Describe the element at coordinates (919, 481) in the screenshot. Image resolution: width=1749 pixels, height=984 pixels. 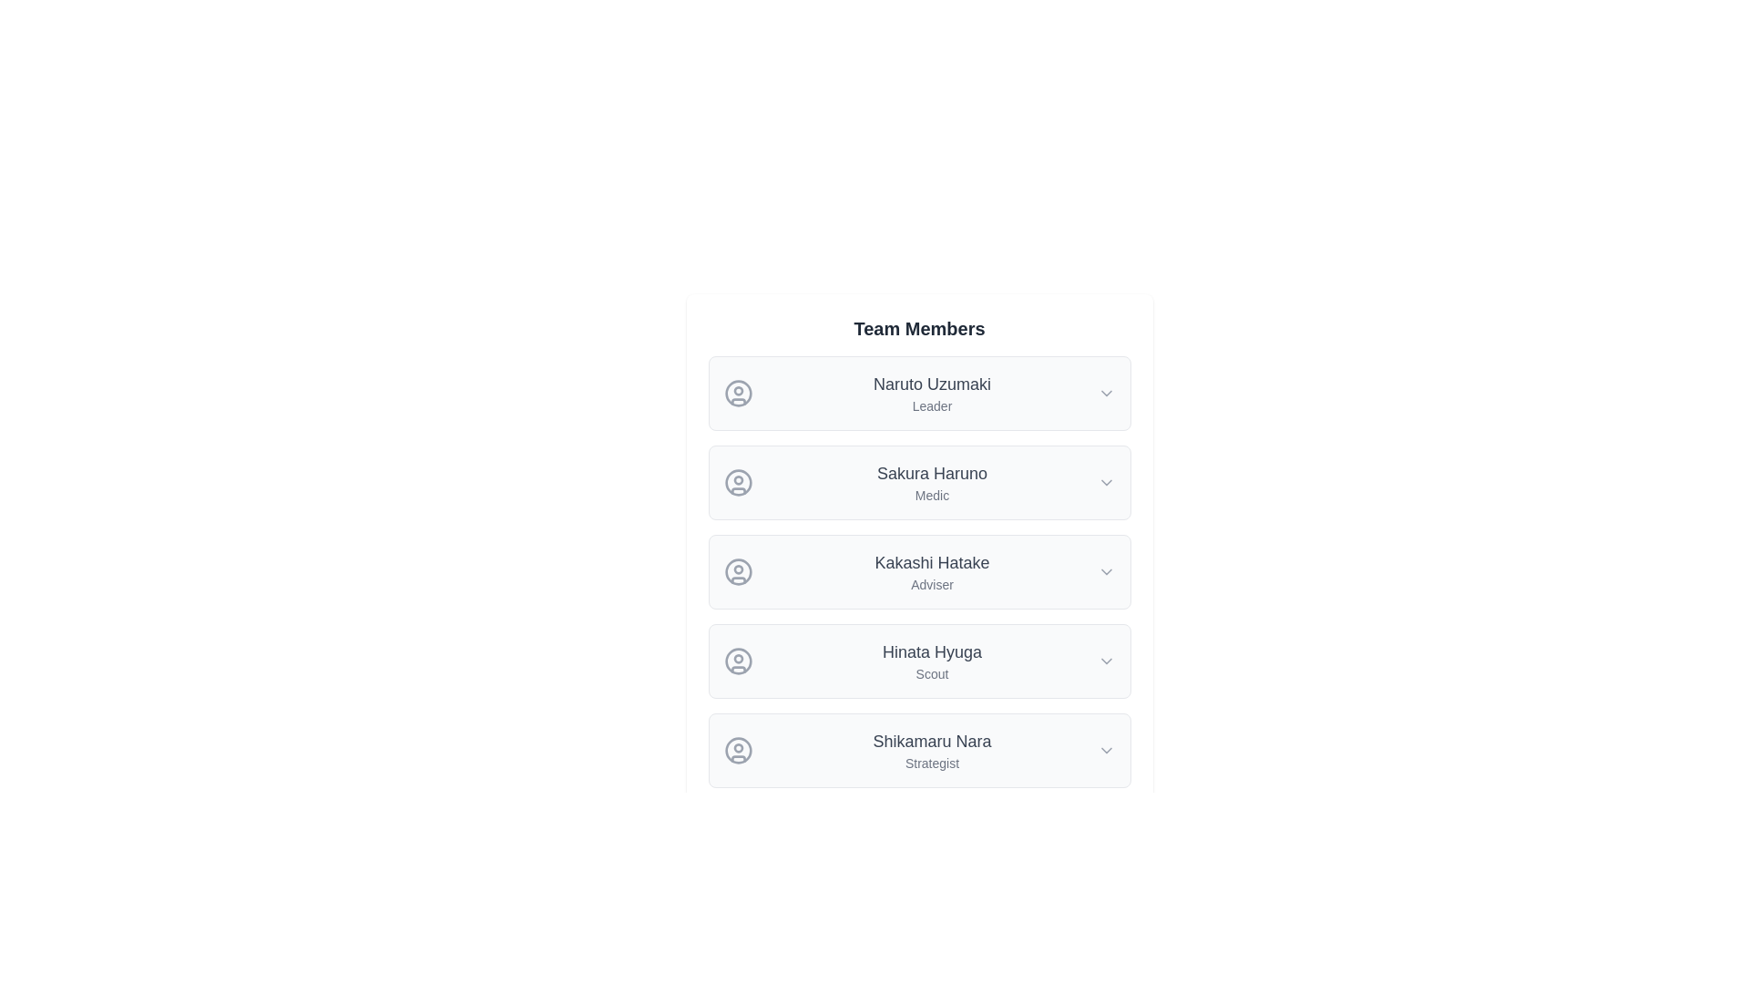
I see `to select the user information card displaying 'Sakura Haruno', which is the second item in the vertical list of team member cards` at that location.